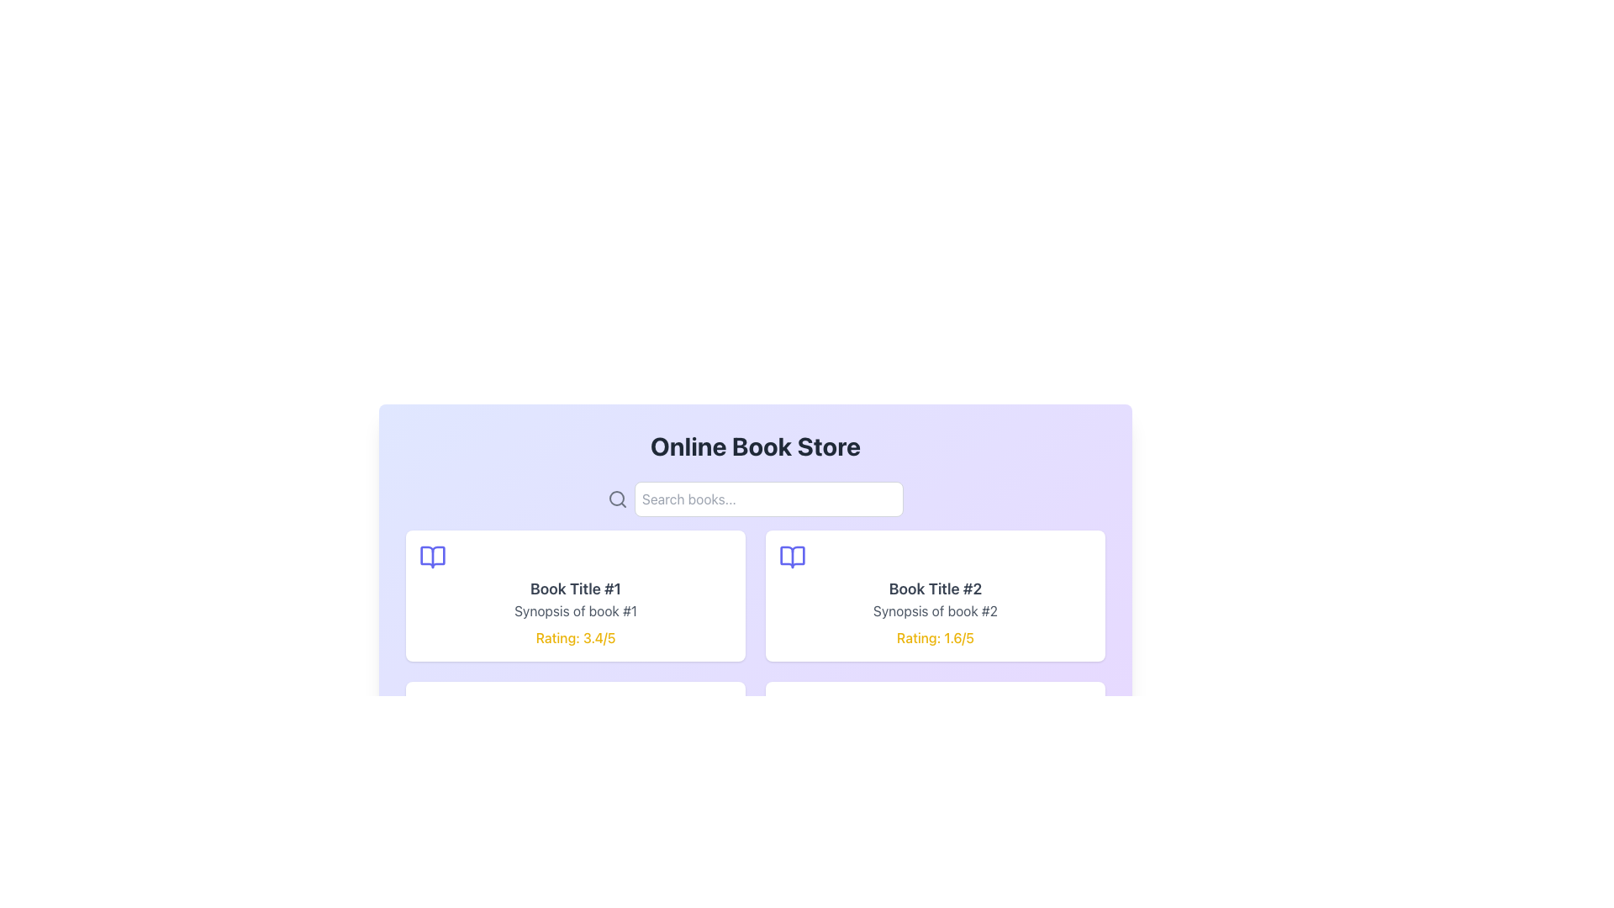 Image resolution: width=1614 pixels, height=908 pixels. What do you see at coordinates (935, 595) in the screenshot?
I see `the second book information card in the grid layout` at bounding box center [935, 595].